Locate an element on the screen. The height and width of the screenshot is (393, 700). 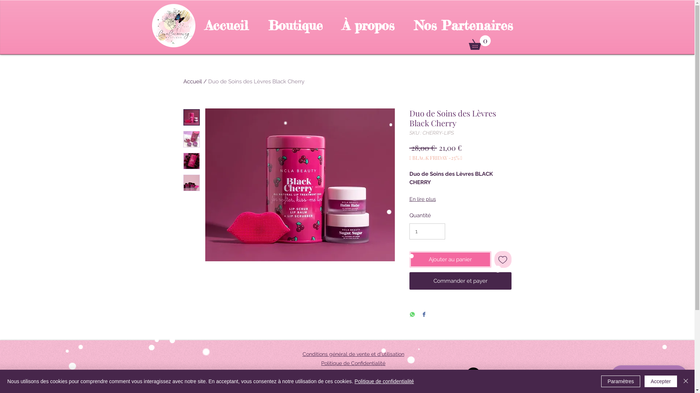
'0' is located at coordinates (479, 42).